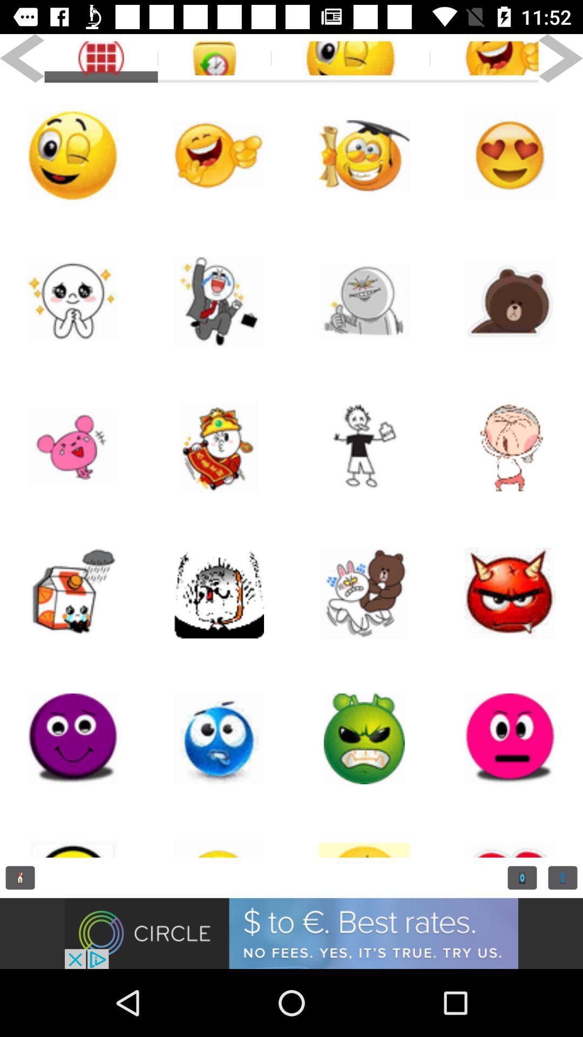 The height and width of the screenshot is (1037, 583). What do you see at coordinates (219, 738) in the screenshot?
I see `emoji select` at bounding box center [219, 738].